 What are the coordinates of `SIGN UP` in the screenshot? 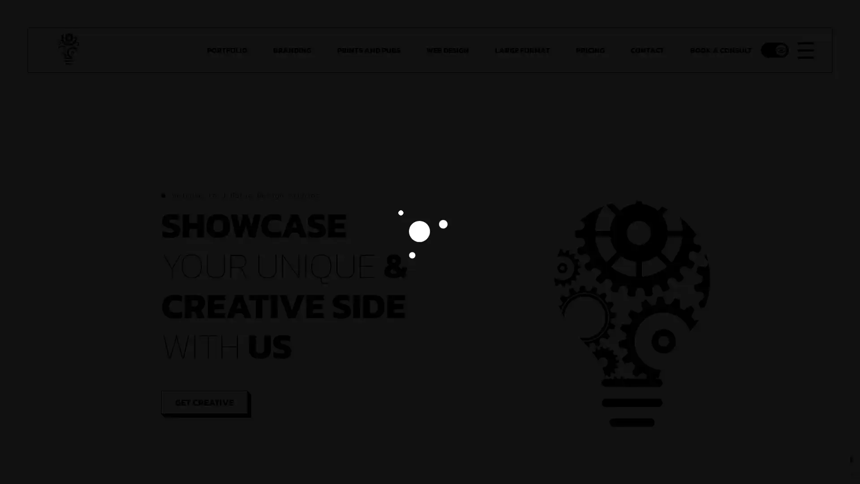 It's located at (729, 402).